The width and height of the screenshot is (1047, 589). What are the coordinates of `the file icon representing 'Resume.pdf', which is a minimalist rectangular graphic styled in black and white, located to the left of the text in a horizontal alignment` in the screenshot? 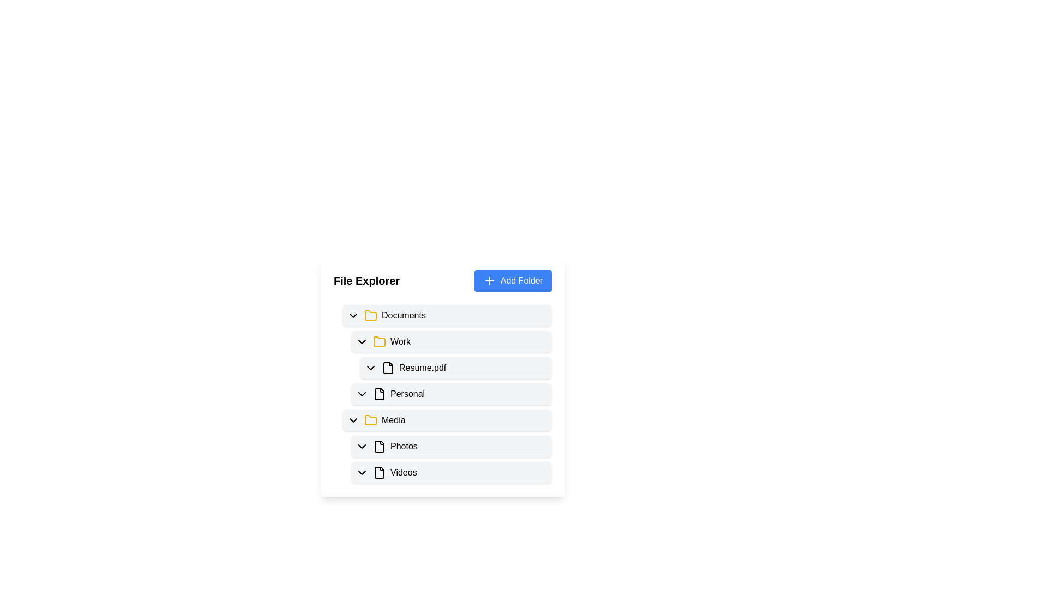 It's located at (388, 368).